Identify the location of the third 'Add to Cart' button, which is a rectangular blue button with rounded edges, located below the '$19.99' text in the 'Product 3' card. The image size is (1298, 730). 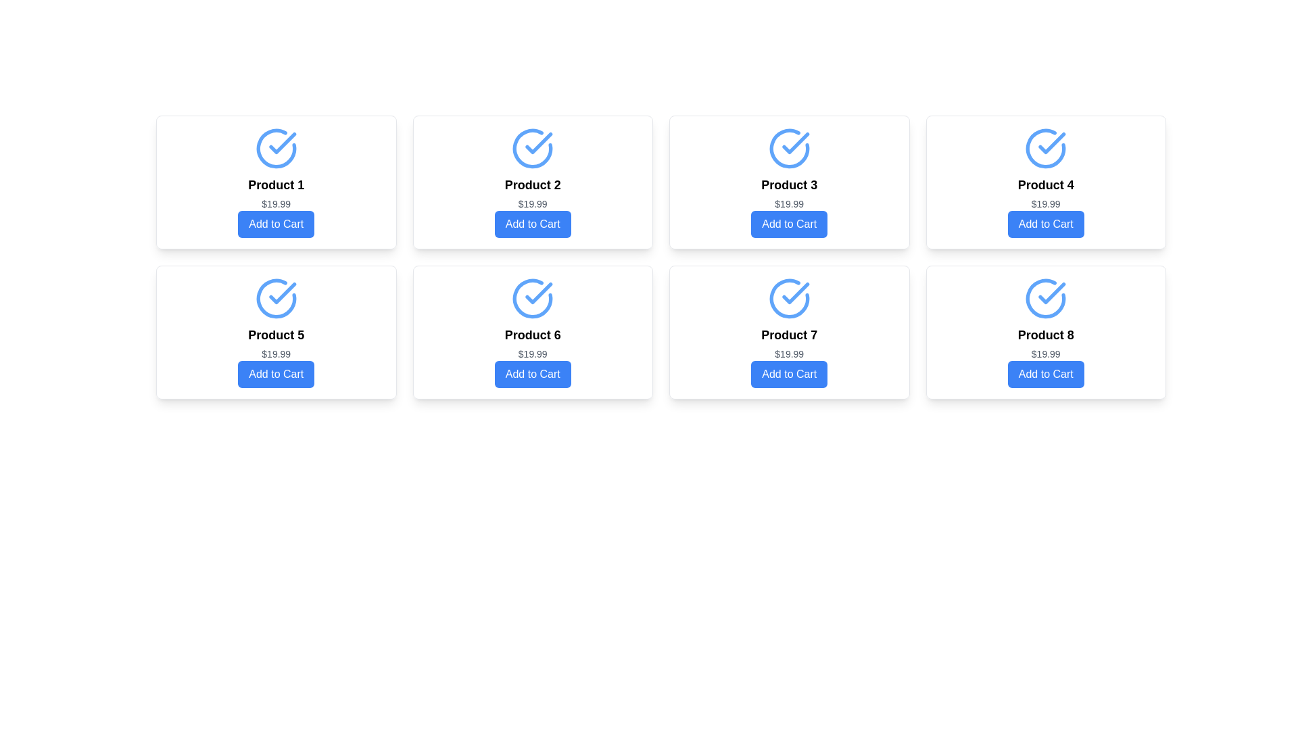
(789, 223).